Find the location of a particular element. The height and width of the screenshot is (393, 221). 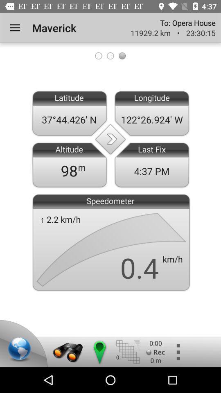

the record button is located at coordinates (156, 352).